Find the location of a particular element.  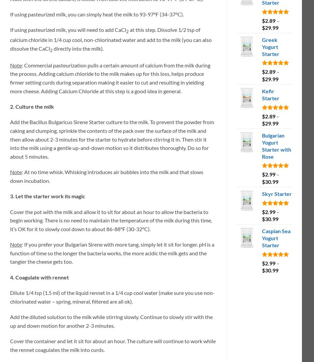

'If using pasteurized milk, you can simply heat the milk to 93-97°F (34-37°C).' is located at coordinates (97, 14).